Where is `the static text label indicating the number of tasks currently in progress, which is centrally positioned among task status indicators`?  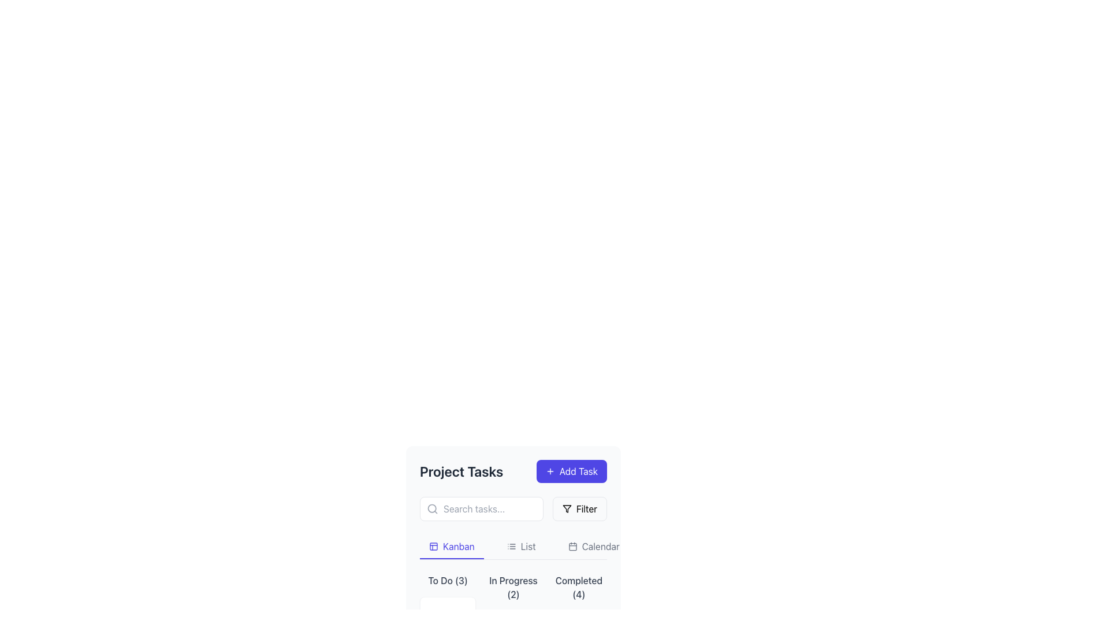
the static text label indicating the number of tasks currently in progress, which is centrally positioned among task status indicators is located at coordinates (512, 588).